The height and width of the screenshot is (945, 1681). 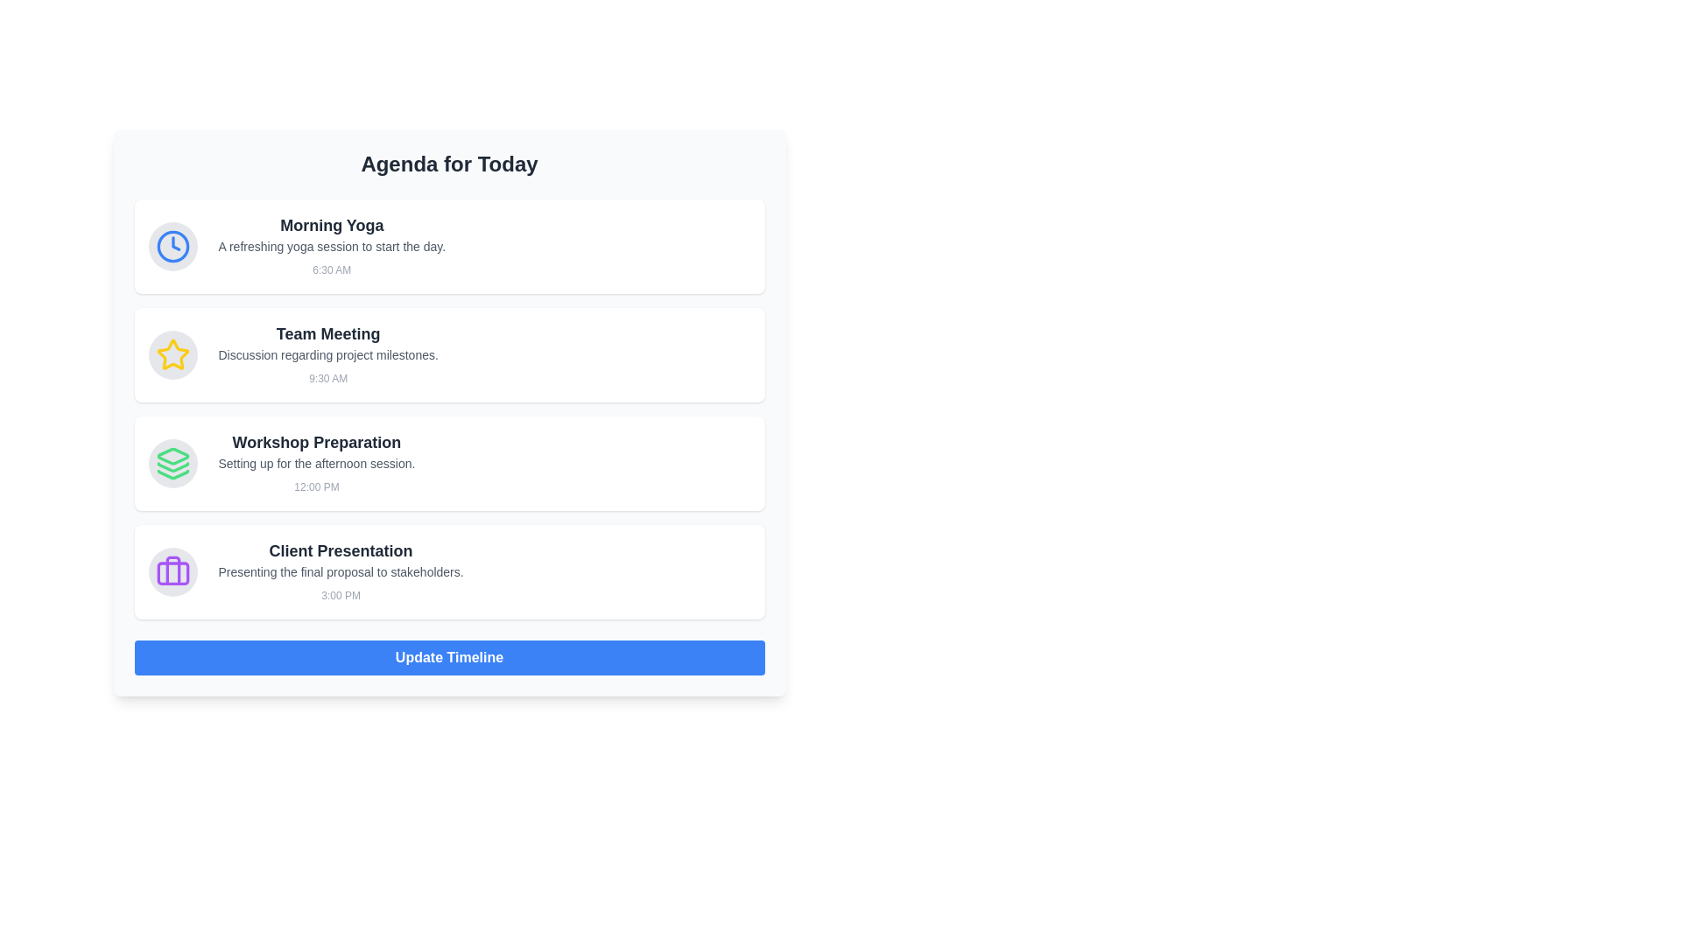 What do you see at coordinates (341, 549) in the screenshot?
I see `the text label displaying 'Client Presentation', which is styled with a bold font and is located in the fourth row of the agenda list, above the text 'Presenting the final proposal to stakeholders.' and below the timestamp '3:00 PM'` at bounding box center [341, 549].